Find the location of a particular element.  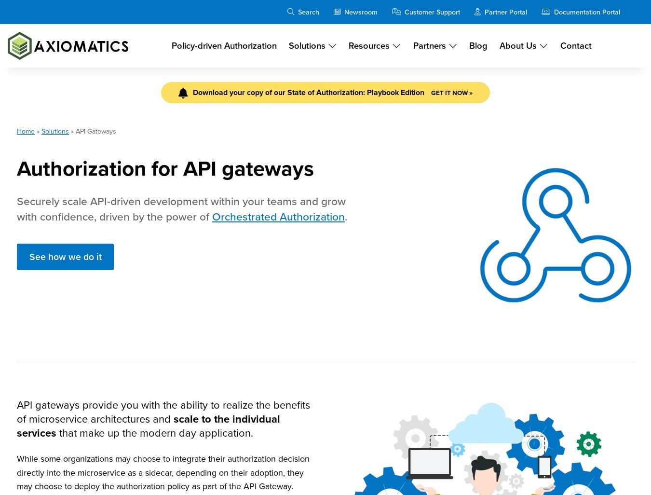

'Read the article' is located at coordinates (501, 328).